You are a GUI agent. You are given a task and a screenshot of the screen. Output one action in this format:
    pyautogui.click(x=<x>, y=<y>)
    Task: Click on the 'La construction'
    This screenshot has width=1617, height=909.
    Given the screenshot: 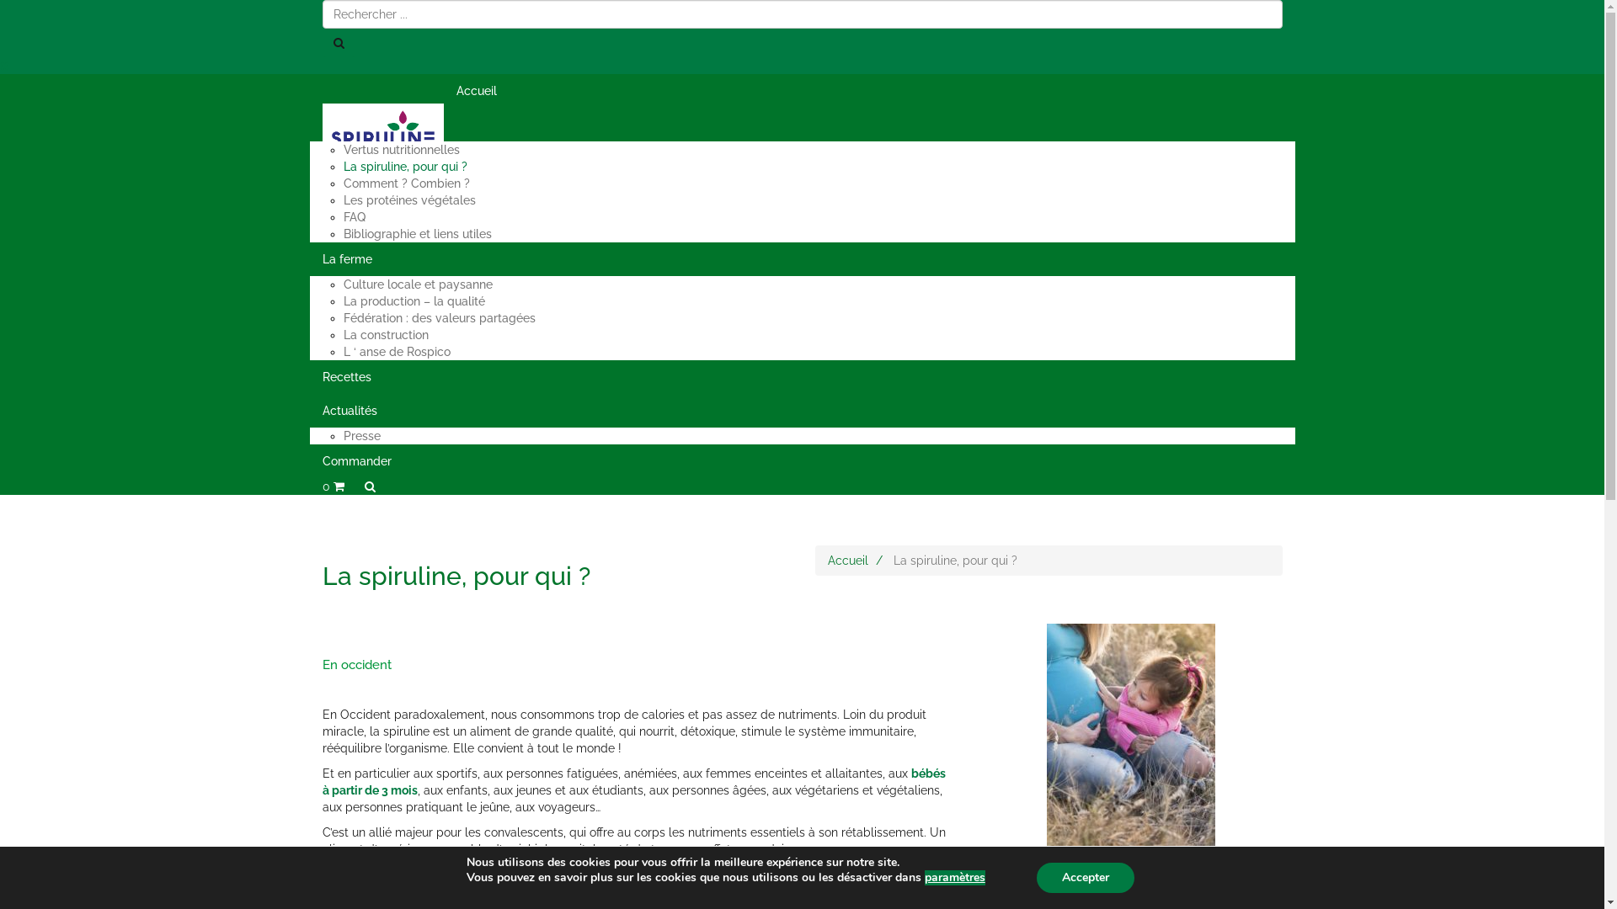 What is the action you would take?
    pyautogui.click(x=385, y=334)
    